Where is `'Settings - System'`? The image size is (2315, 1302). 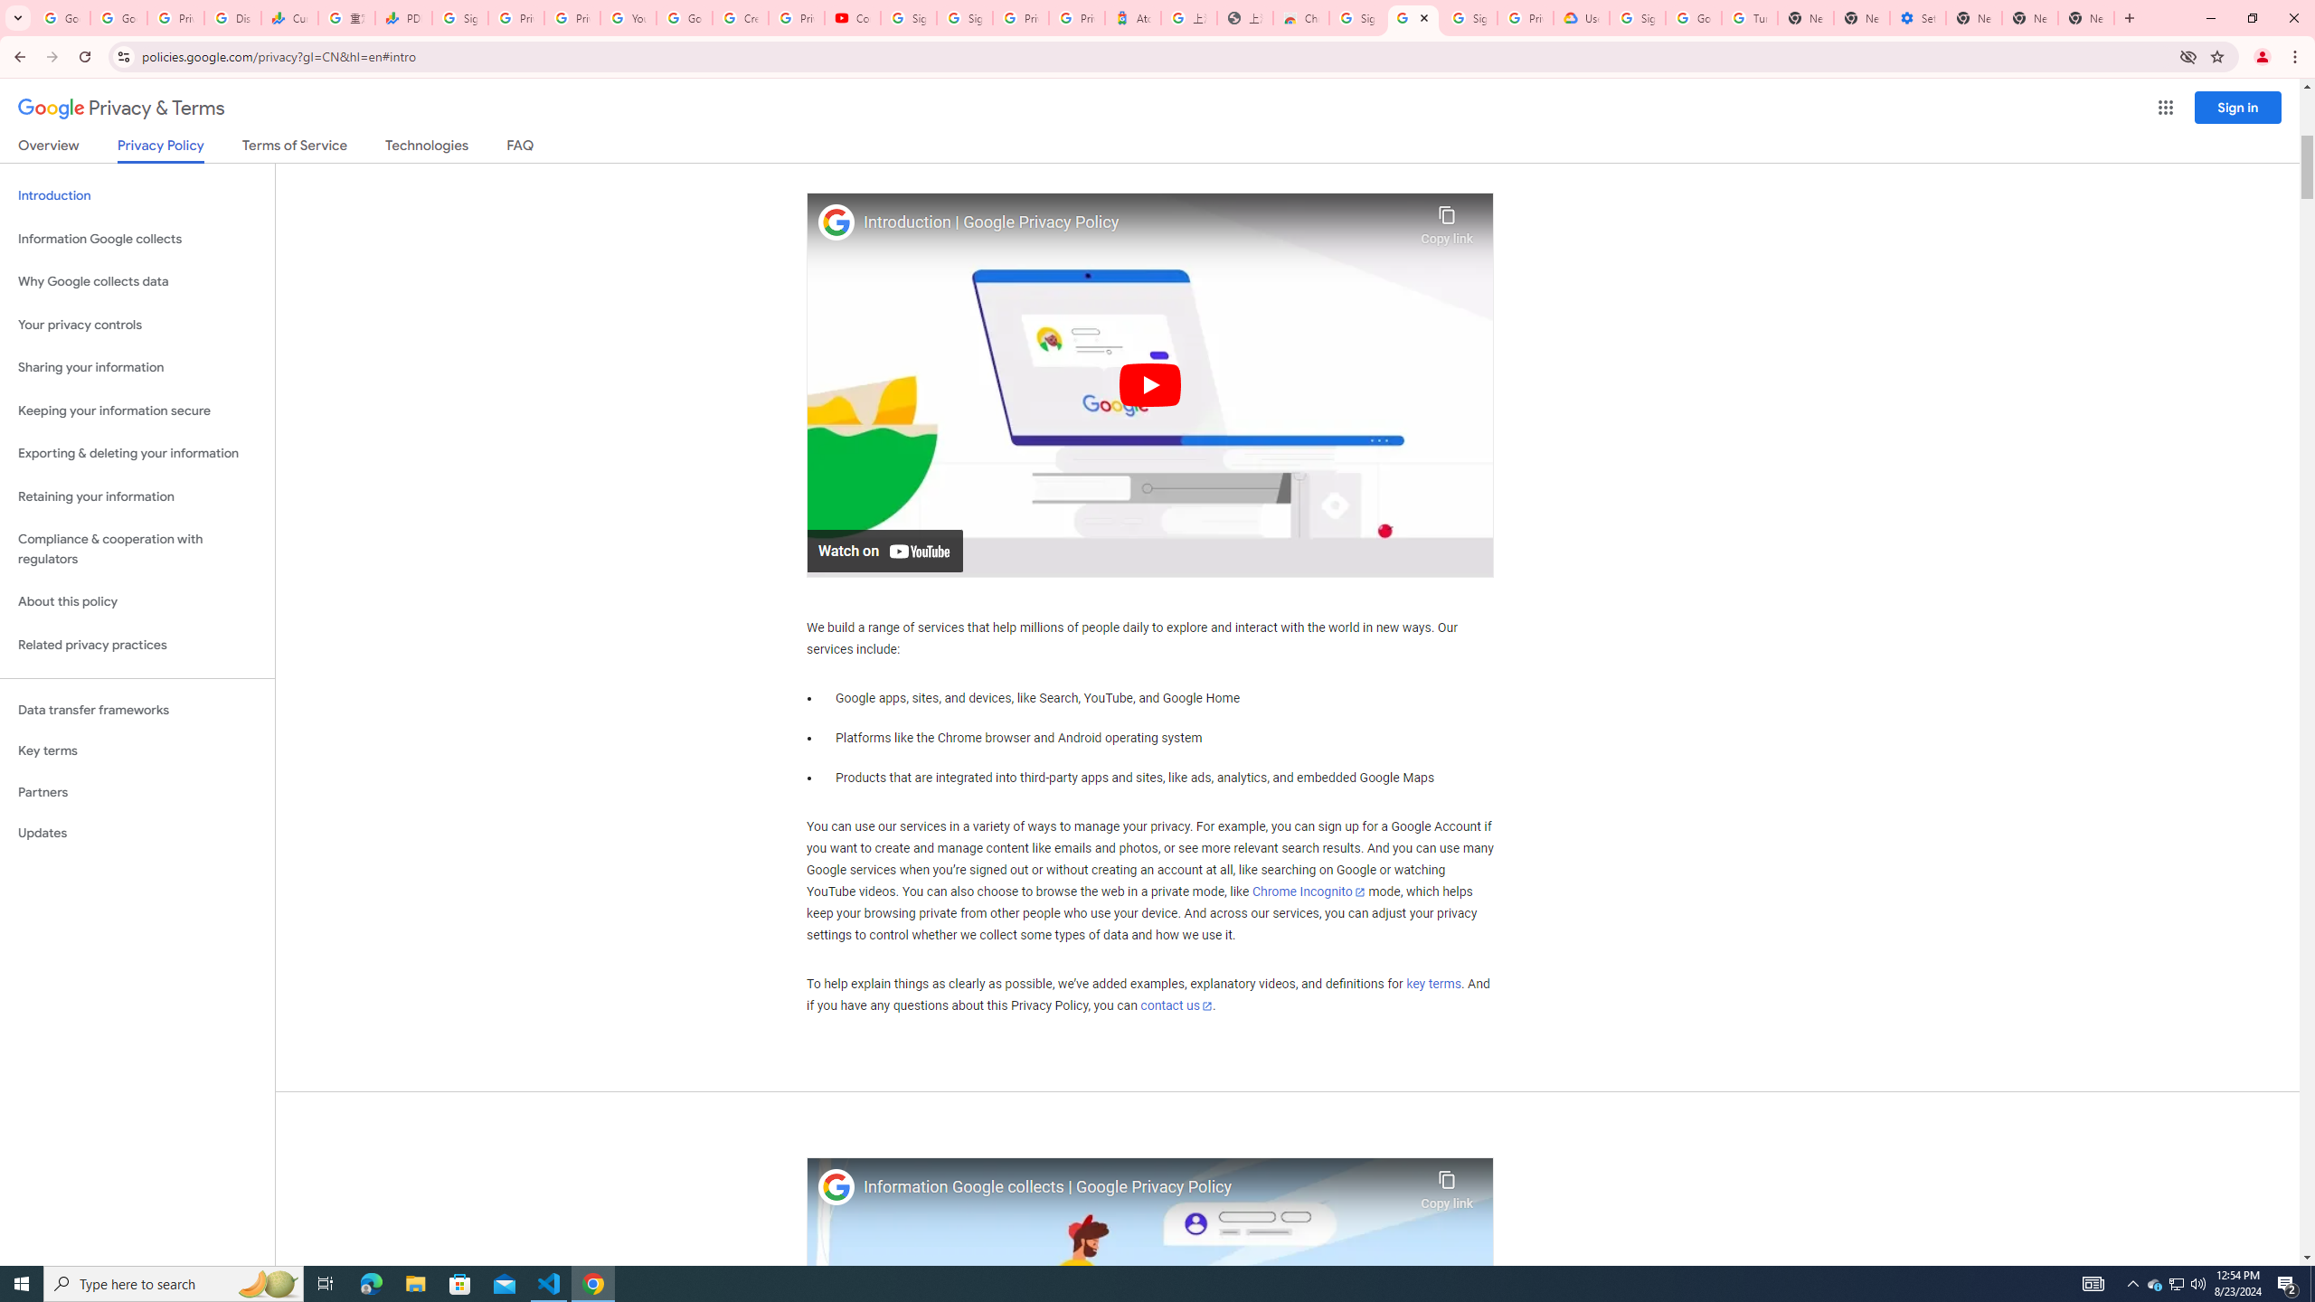
'Settings - System' is located at coordinates (1916, 17).